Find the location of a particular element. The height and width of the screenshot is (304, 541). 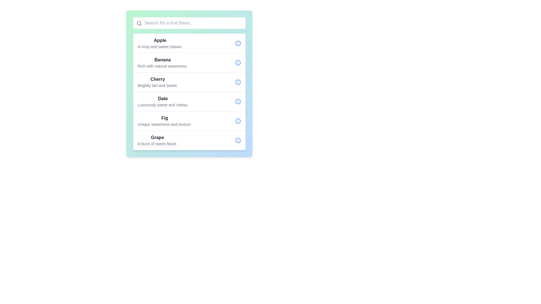

the blue circular informational icon with an 'i' inside, located at the far right end of the row containing the text 'Cherry Brightly tart and sweet' is located at coordinates (238, 82).